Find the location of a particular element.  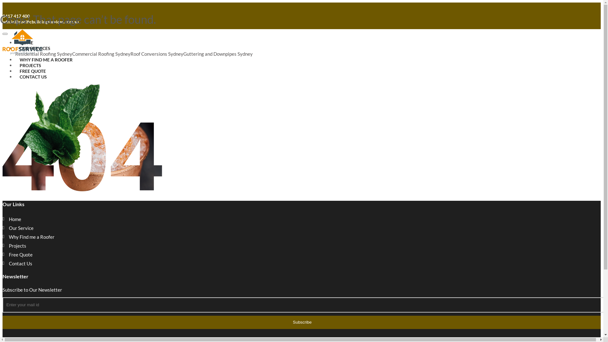

'Our Service' is located at coordinates (21, 228).